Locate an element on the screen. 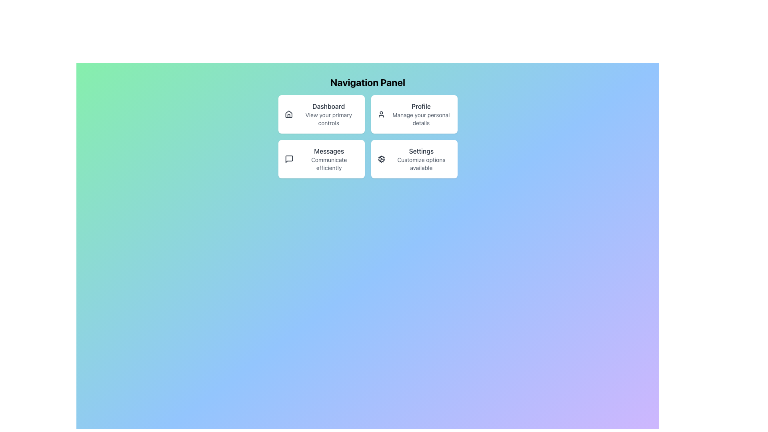 The height and width of the screenshot is (432, 768). the 'Messages' icon located at the top-left corner of the 'Messages' tile is located at coordinates (288, 159).